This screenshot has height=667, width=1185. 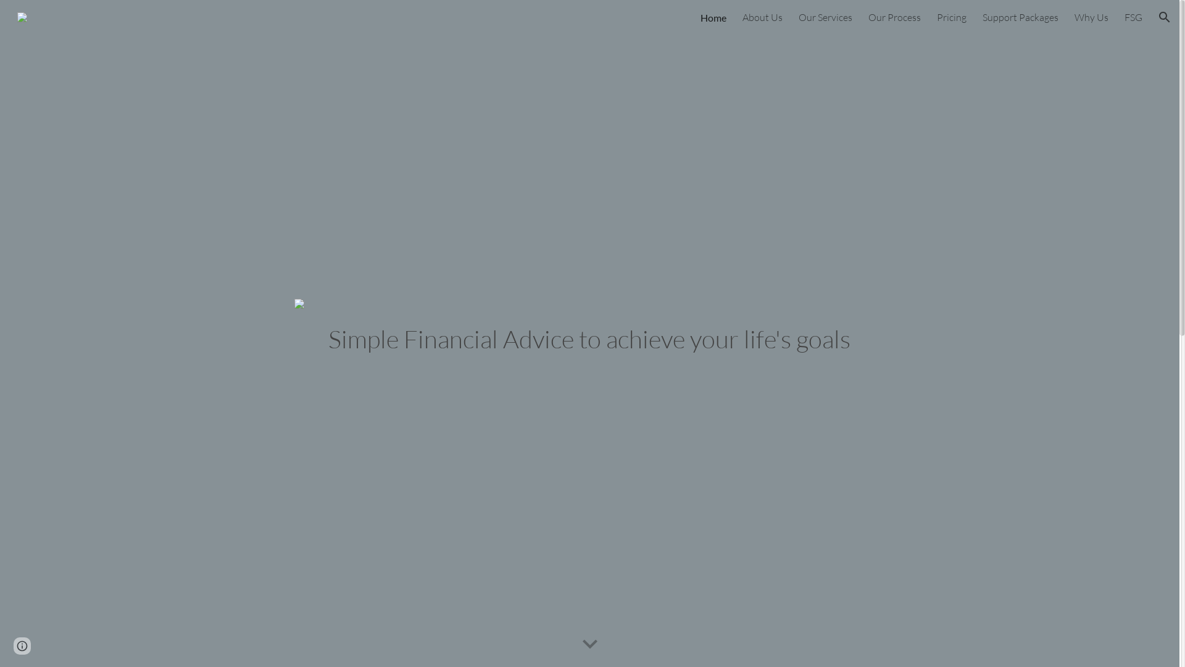 I want to click on 'About Us', so click(x=762, y=17).